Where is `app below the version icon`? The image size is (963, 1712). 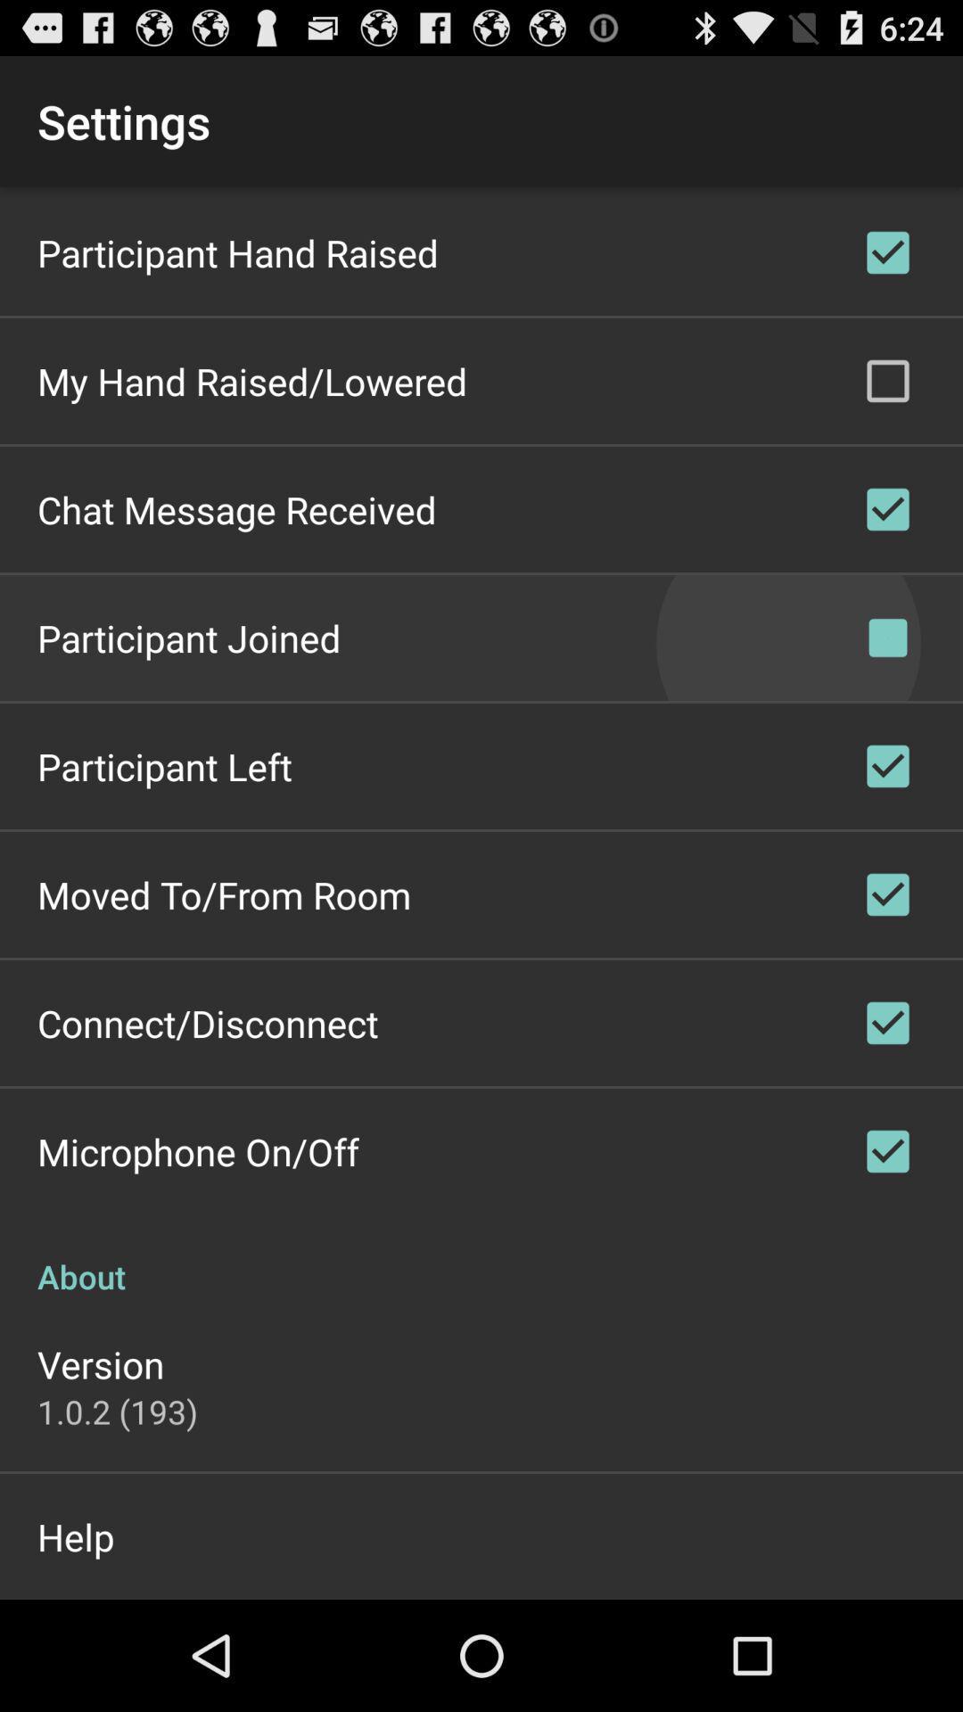
app below the version icon is located at coordinates (117, 1411).